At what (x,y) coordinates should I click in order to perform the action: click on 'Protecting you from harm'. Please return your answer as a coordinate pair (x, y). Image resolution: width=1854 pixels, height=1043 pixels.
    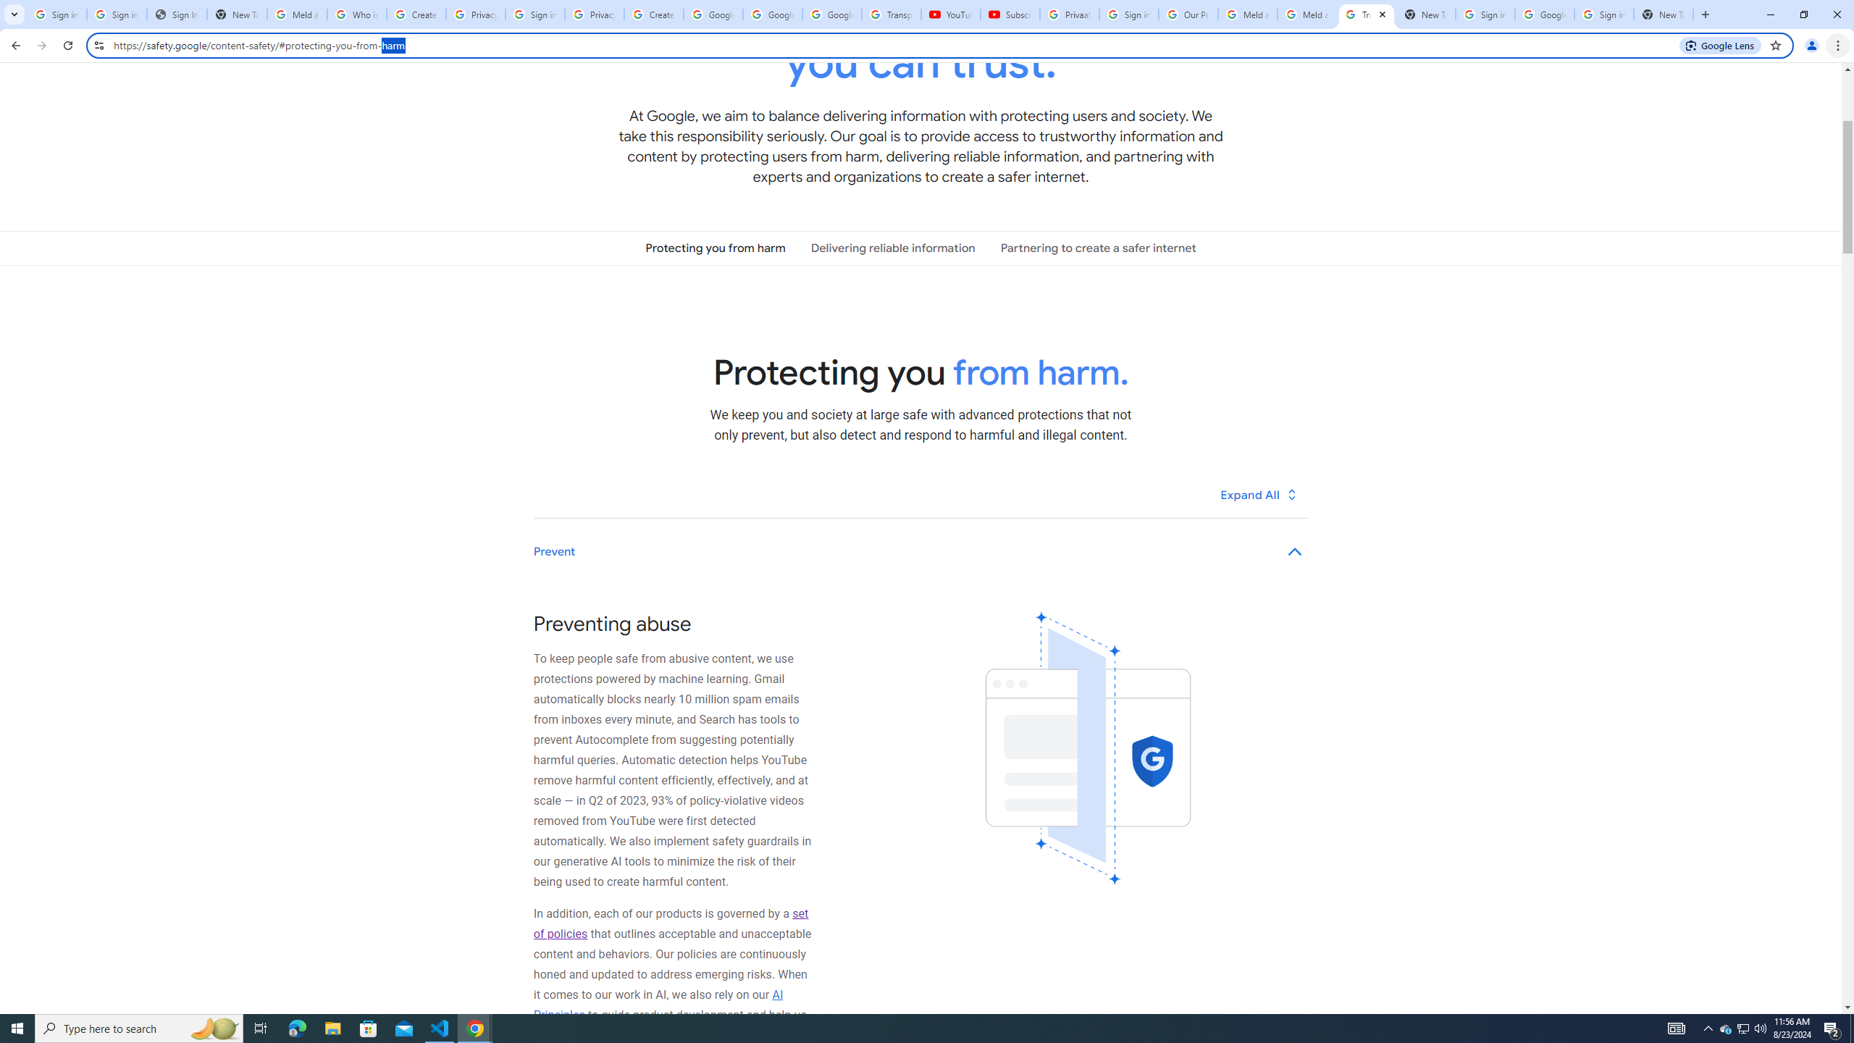
    Looking at the image, I should click on (715, 247).